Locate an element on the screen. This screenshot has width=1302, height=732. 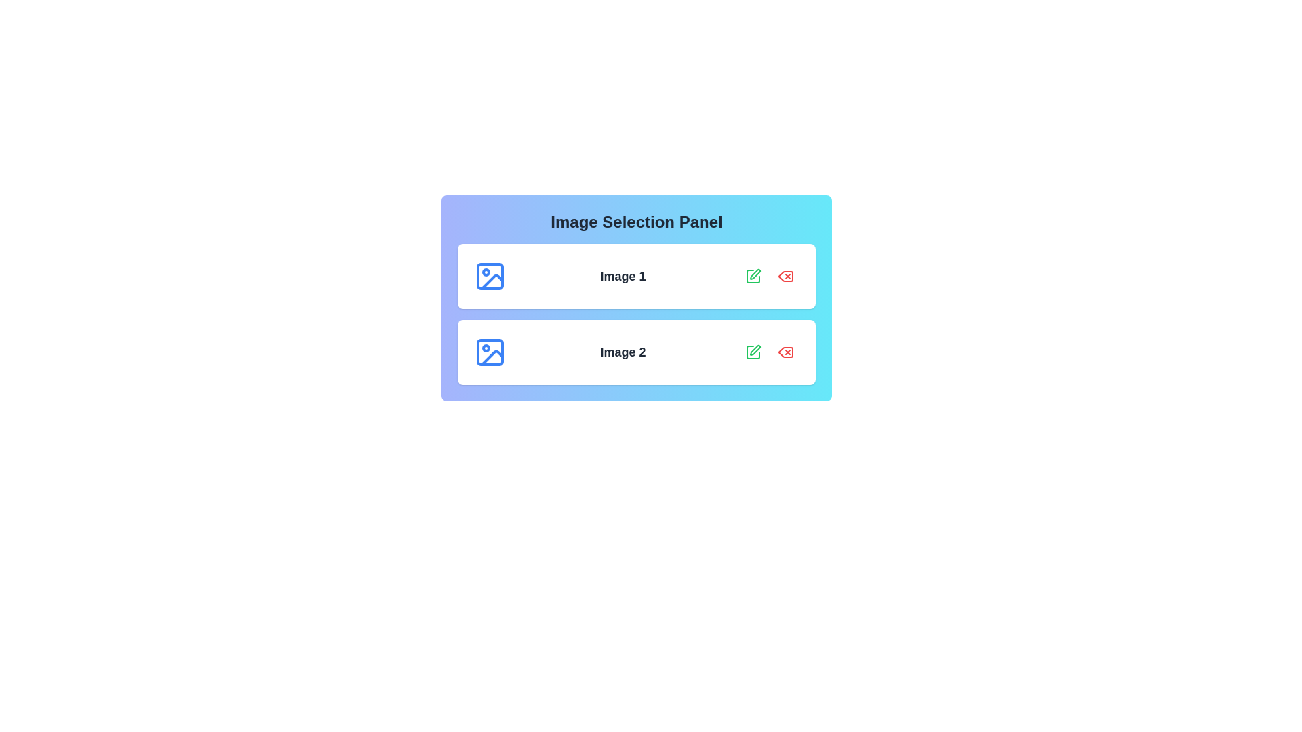
the delete button/icon located at the far right end of the list item row labeled 'Image 1' is located at coordinates (785, 276).